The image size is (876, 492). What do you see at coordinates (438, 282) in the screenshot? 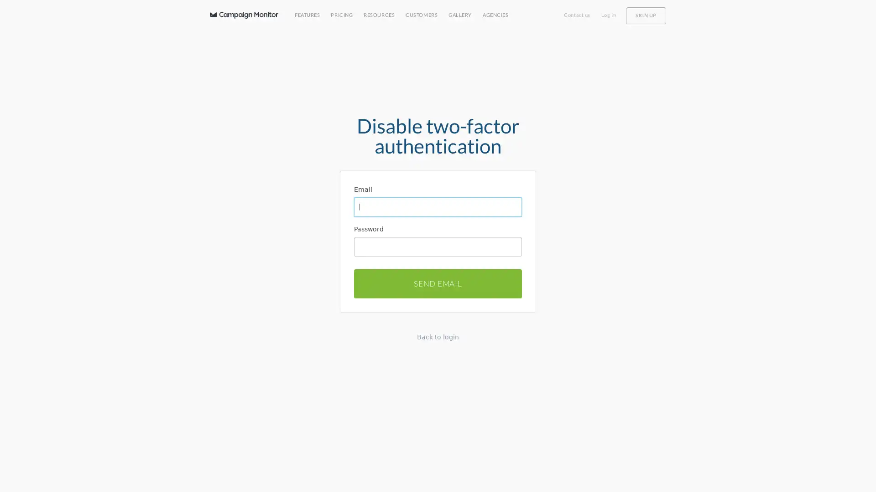
I see `SEND EMAIL` at bounding box center [438, 282].